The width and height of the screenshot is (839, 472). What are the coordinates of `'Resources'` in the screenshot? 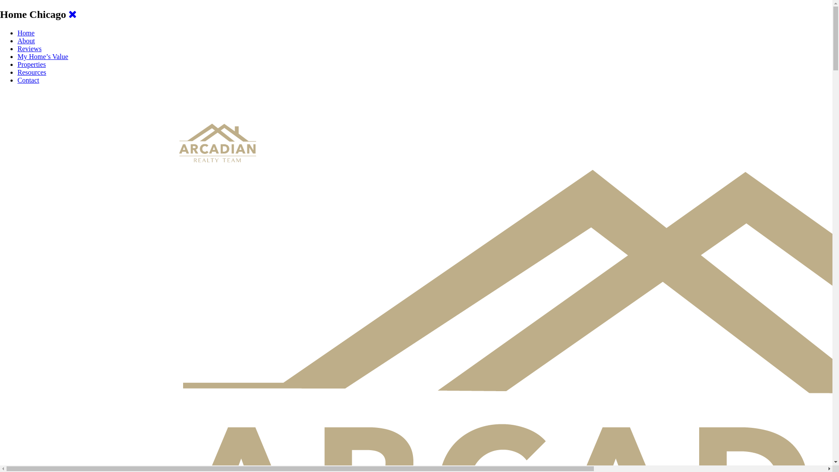 It's located at (17, 72).